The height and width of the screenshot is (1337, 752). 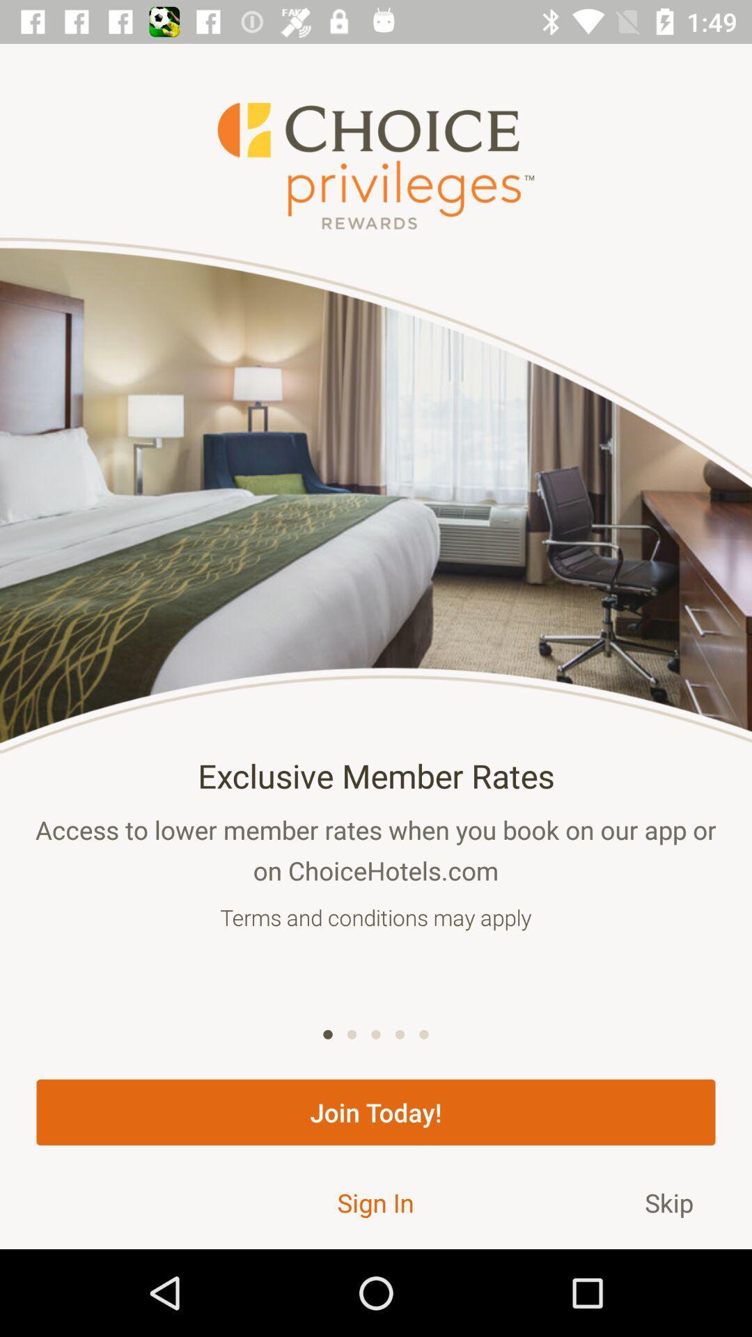 I want to click on the skip item, so click(x=668, y=1202).